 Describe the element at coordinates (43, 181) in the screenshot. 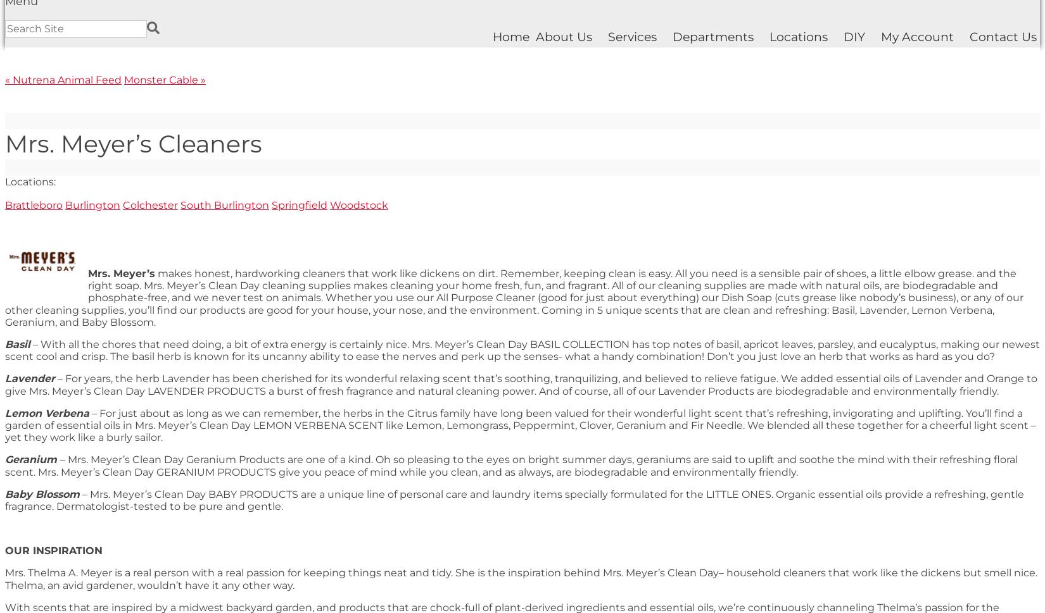

I see `'SMELLS GREAT'` at that location.